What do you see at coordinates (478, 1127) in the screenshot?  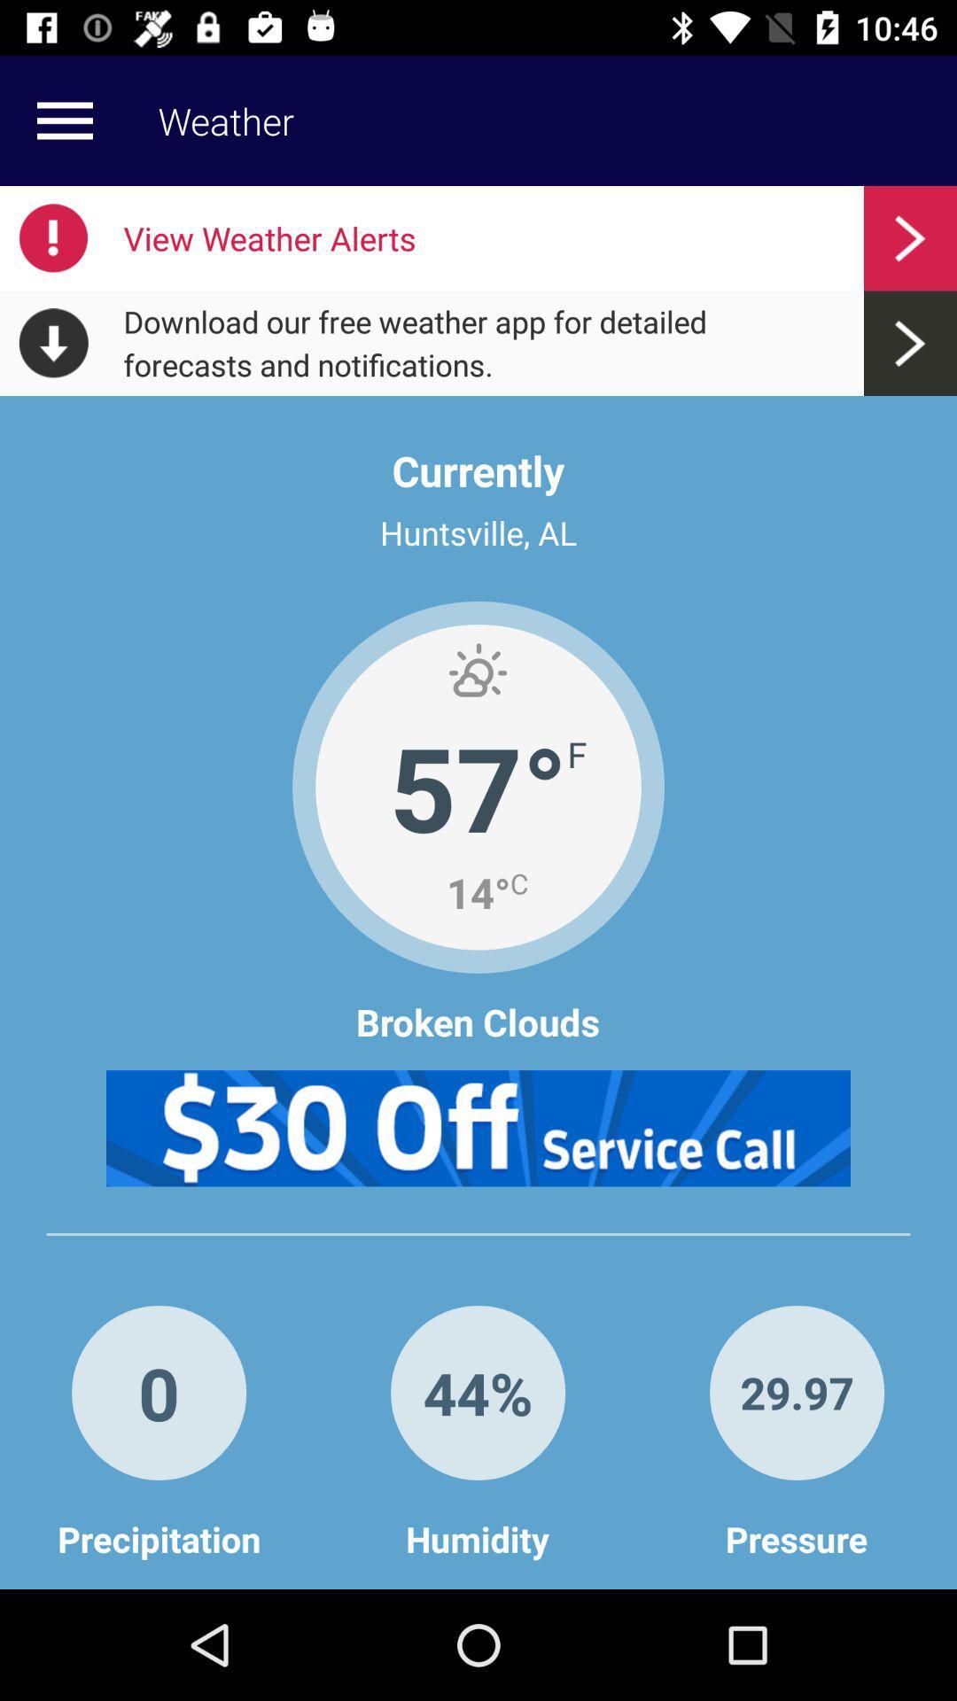 I see `click advertisement` at bounding box center [478, 1127].